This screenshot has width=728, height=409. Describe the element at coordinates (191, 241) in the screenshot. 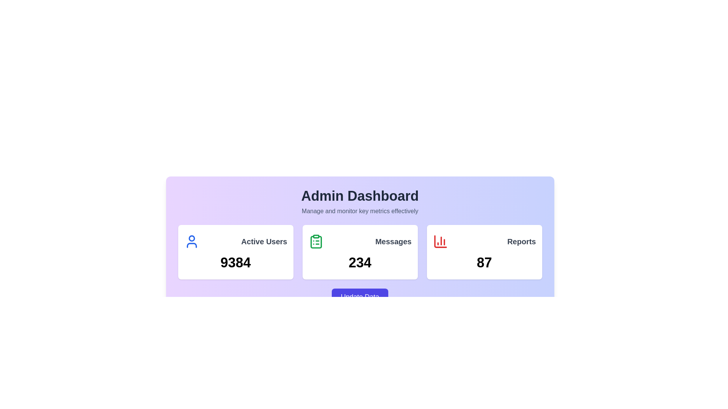

I see `the user profile icon, which is a blue circular head and simplified body located at the top-left part of the 'Active Users' card, above the numerical statistic` at that location.